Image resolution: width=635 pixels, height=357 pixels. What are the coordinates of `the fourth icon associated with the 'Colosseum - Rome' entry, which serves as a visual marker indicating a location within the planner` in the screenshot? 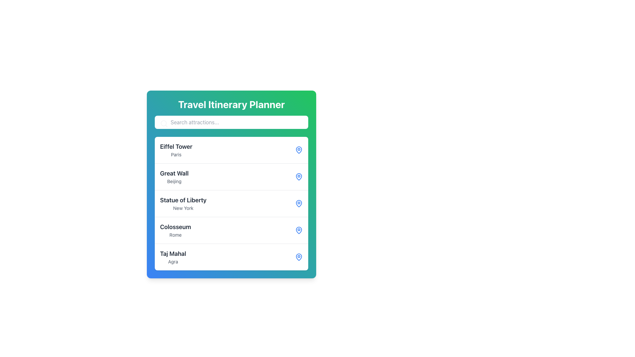 It's located at (298, 230).